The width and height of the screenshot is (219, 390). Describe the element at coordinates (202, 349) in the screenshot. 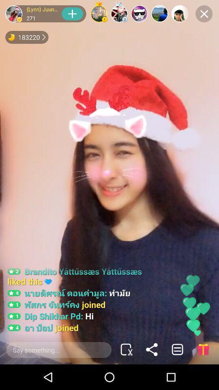

I see `the gift icon` at that location.